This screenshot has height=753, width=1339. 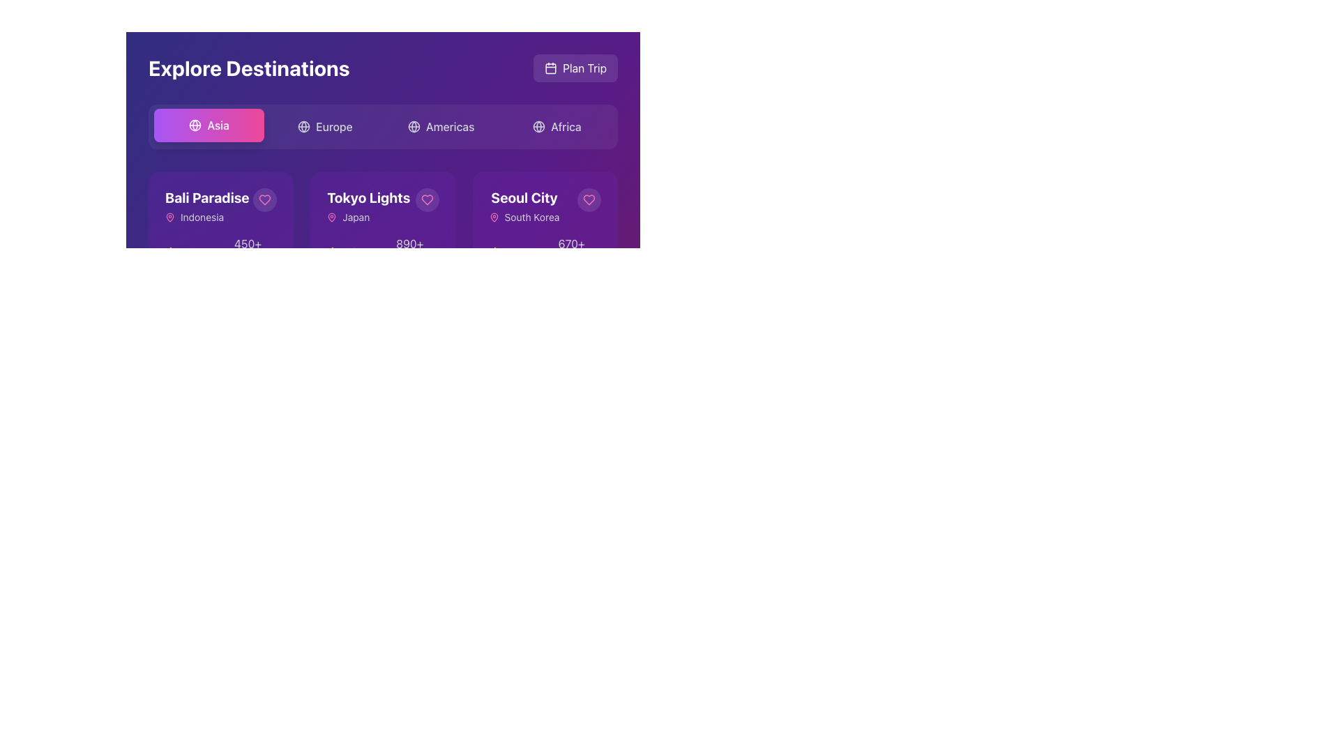 I want to click on the pink map pin icon located next to the text 'Japan' in the 'Tokyo Lights' section of the Explore Destinations area, so click(x=331, y=218).